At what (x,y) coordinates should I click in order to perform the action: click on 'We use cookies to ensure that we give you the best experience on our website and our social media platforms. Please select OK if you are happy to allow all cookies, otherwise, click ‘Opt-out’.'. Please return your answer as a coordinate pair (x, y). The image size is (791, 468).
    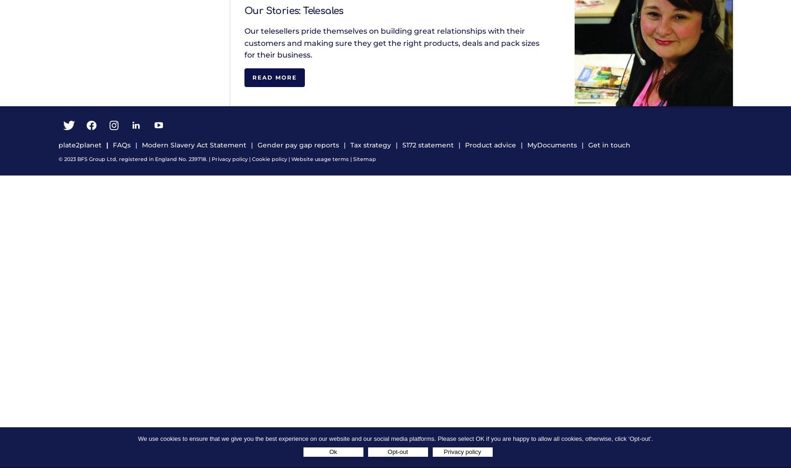
    Looking at the image, I should click on (138, 439).